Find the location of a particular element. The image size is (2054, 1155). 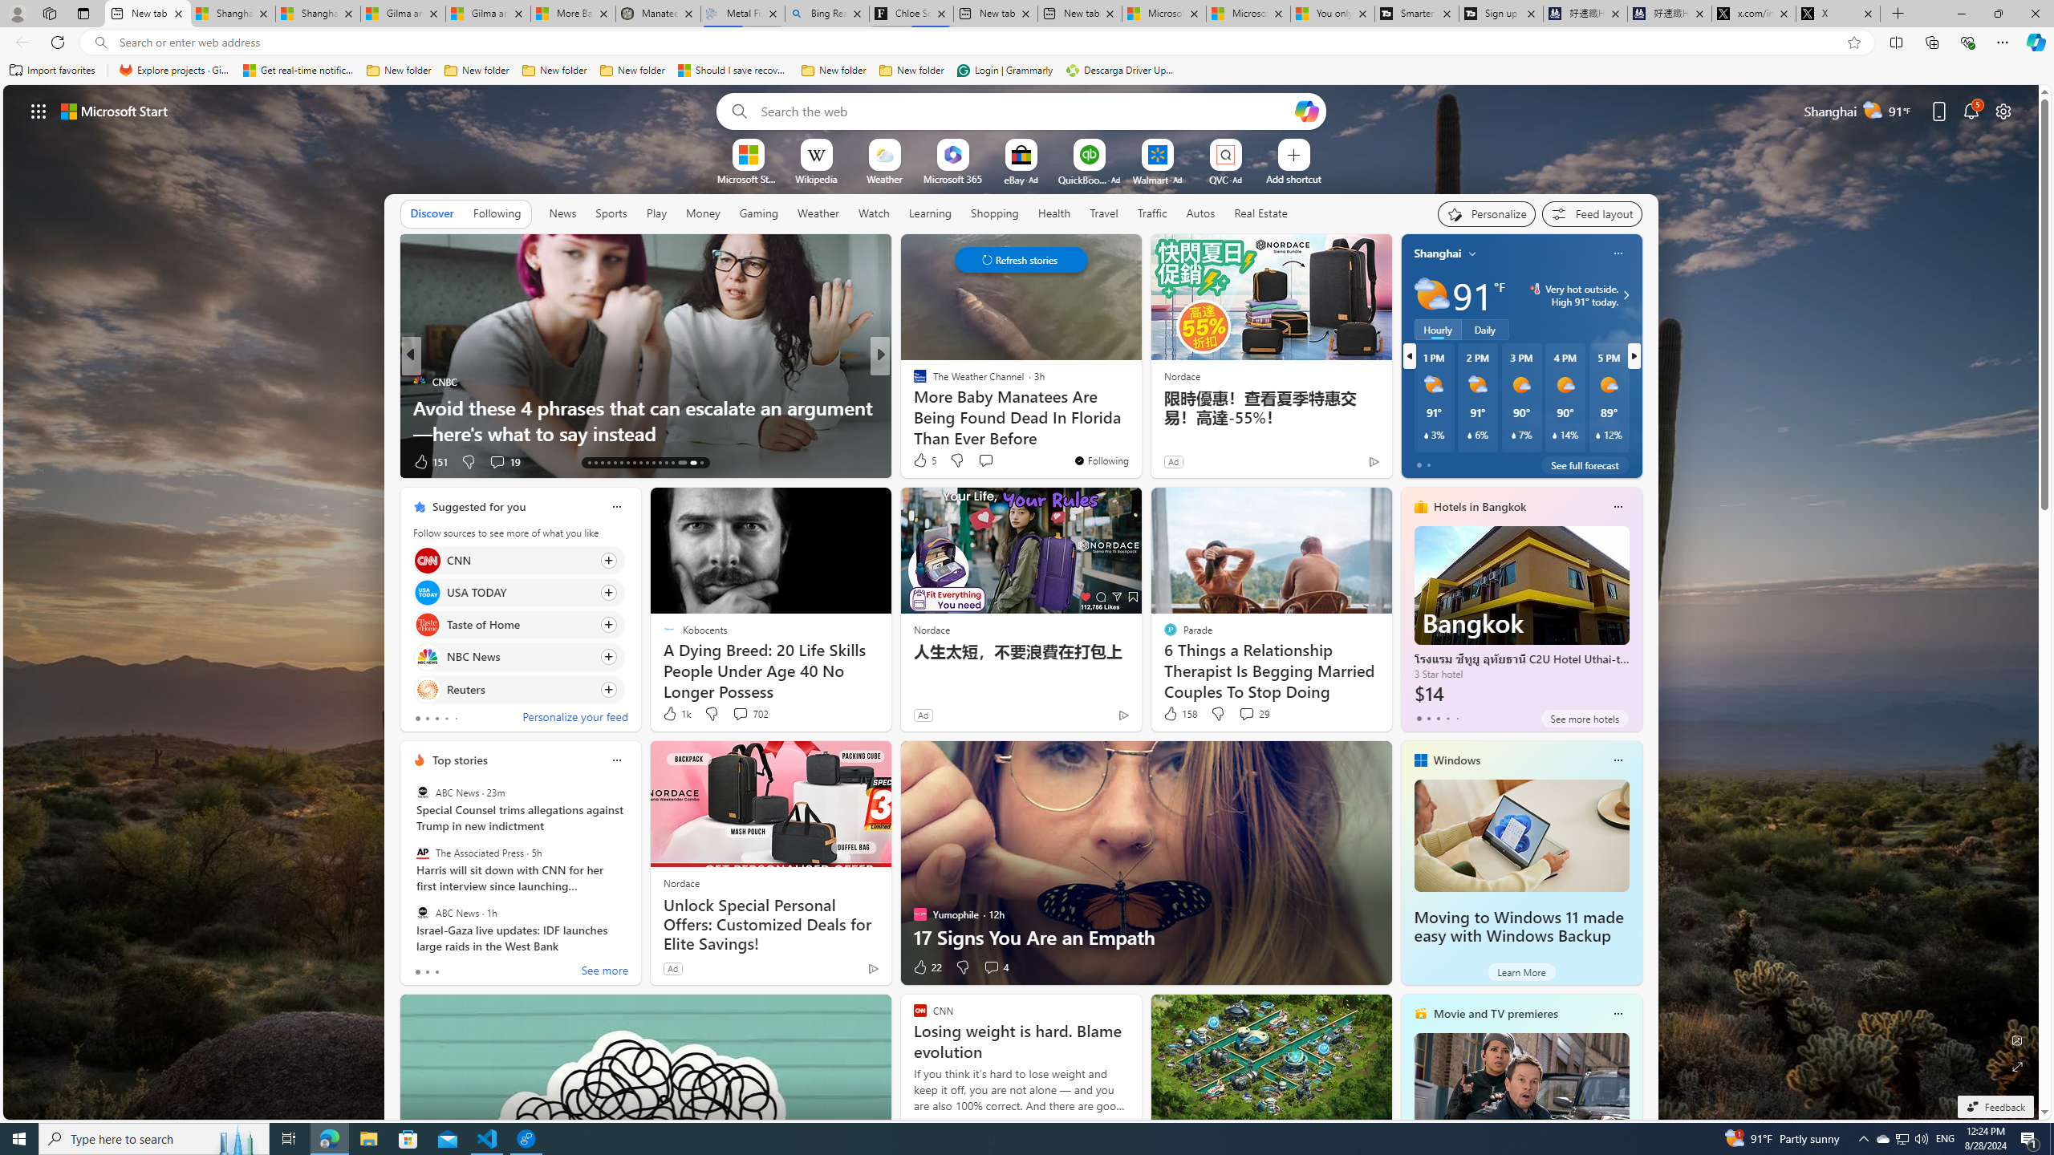

'Health' is located at coordinates (1053, 212).